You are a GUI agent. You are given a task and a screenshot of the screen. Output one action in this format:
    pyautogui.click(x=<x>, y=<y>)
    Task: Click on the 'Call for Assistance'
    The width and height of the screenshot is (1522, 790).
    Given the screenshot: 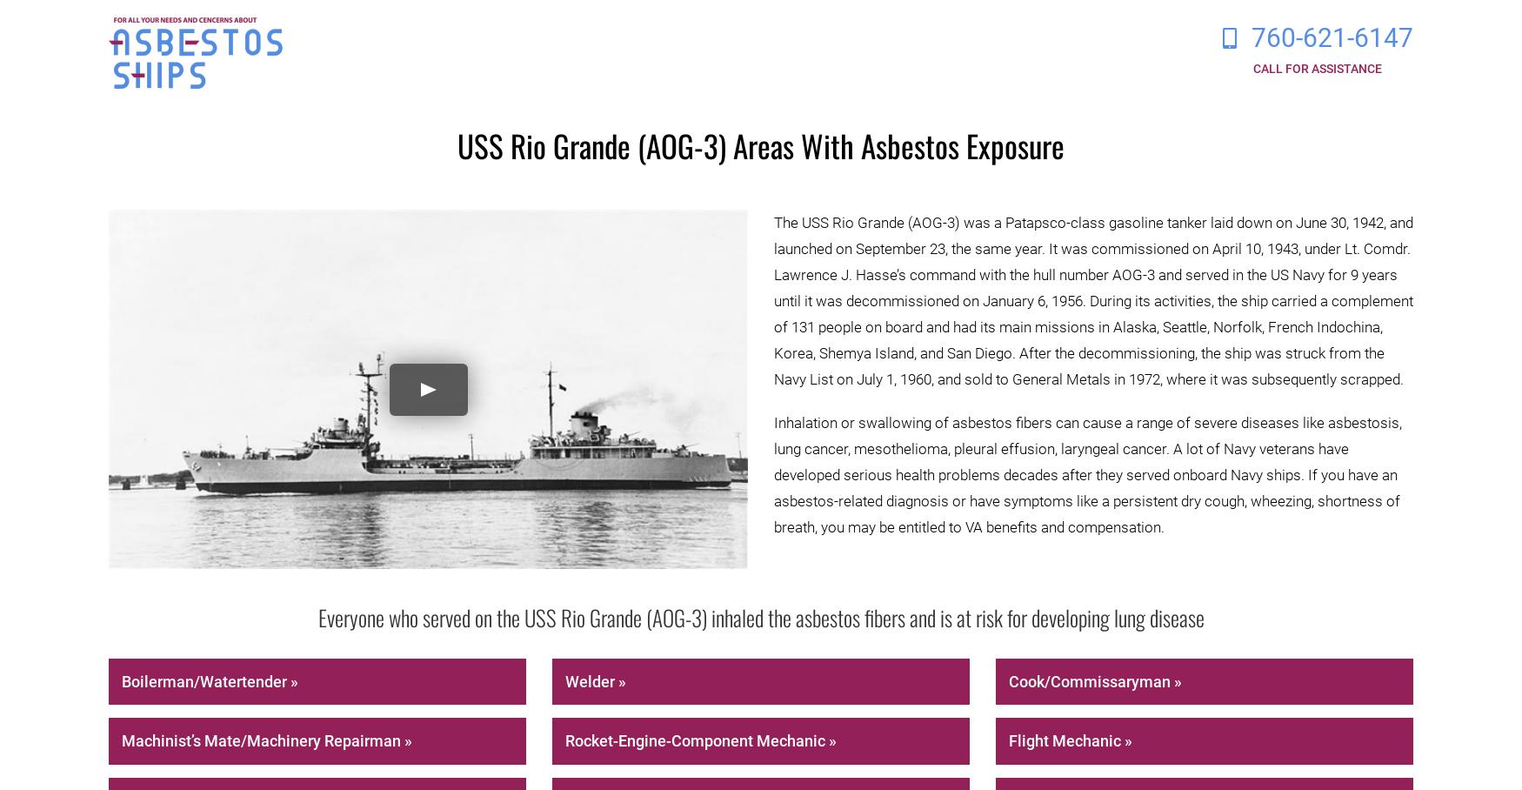 What is the action you would take?
    pyautogui.click(x=1316, y=67)
    